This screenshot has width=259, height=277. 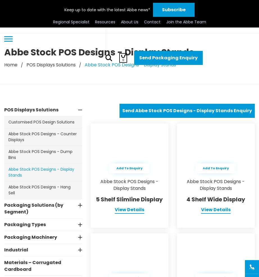 What do you see at coordinates (110, 54) in the screenshot?
I see `'In The Community'` at bounding box center [110, 54].